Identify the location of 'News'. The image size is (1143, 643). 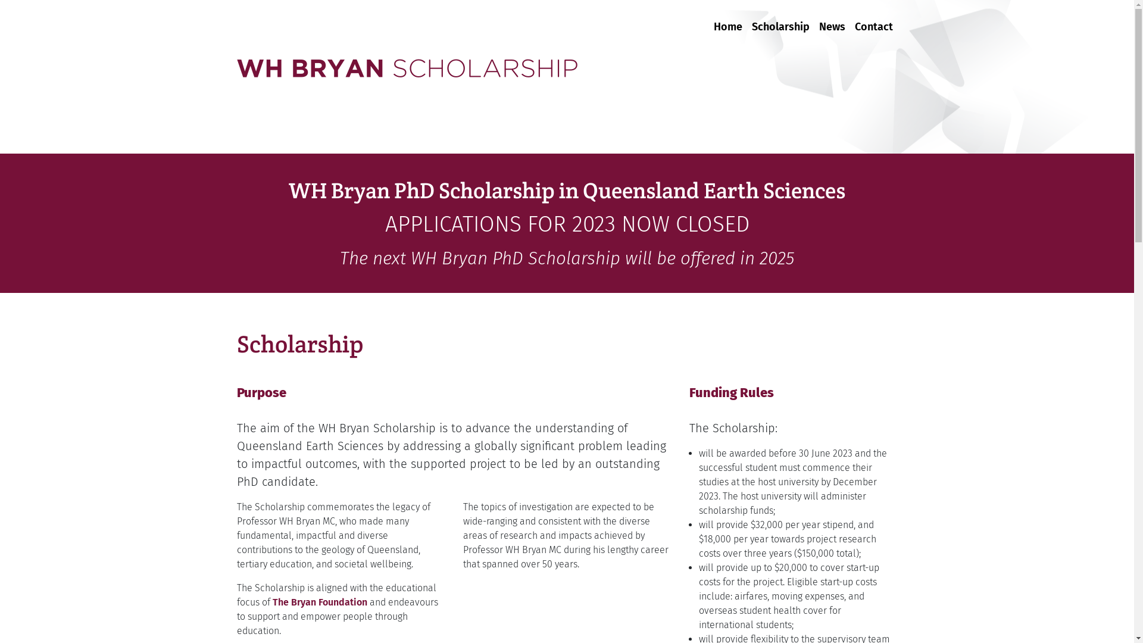
(831, 20).